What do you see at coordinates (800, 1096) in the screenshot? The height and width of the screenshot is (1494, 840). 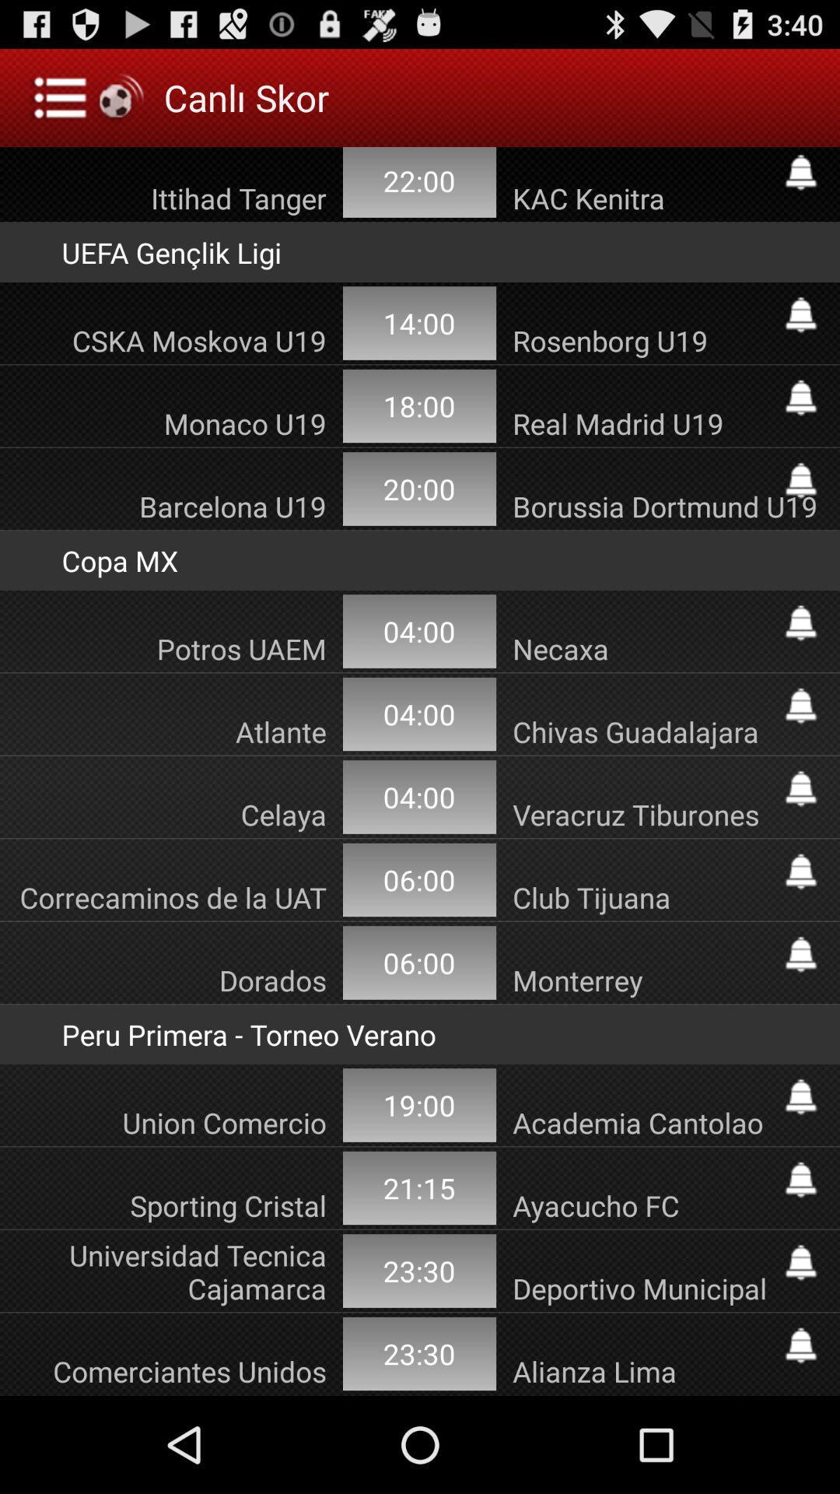 I see `set notification` at bounding box center [800, 1096].